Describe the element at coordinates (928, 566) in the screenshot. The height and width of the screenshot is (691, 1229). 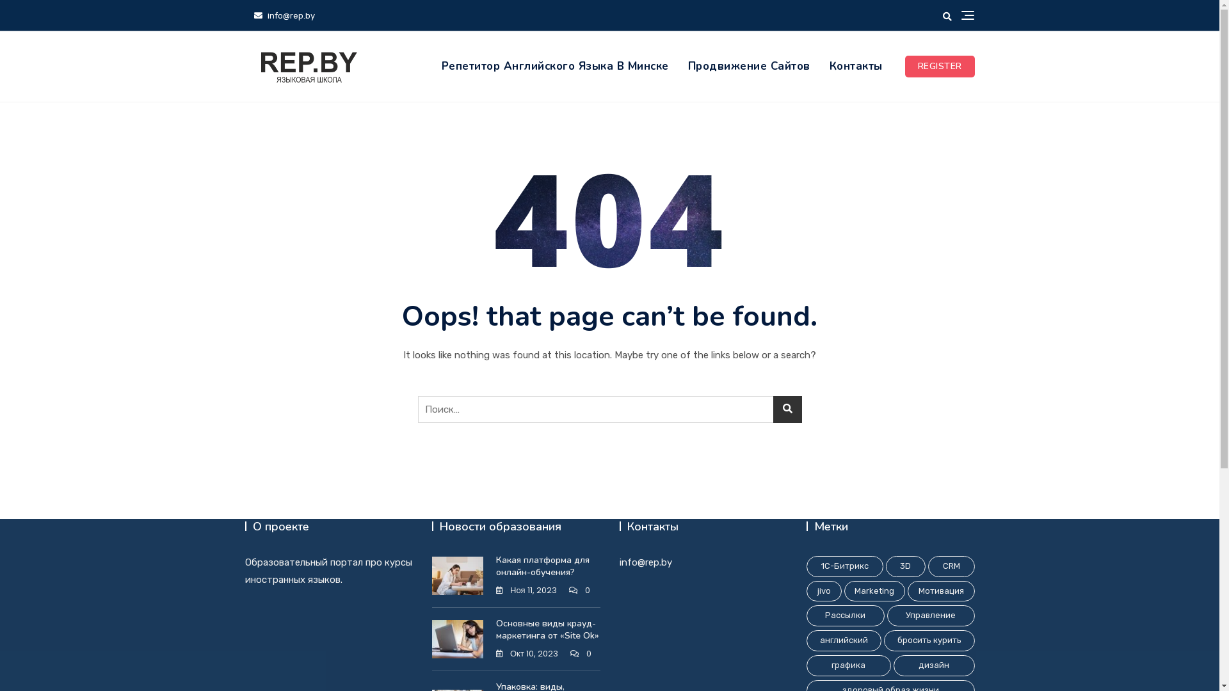
I see `'CRM'` at that location.